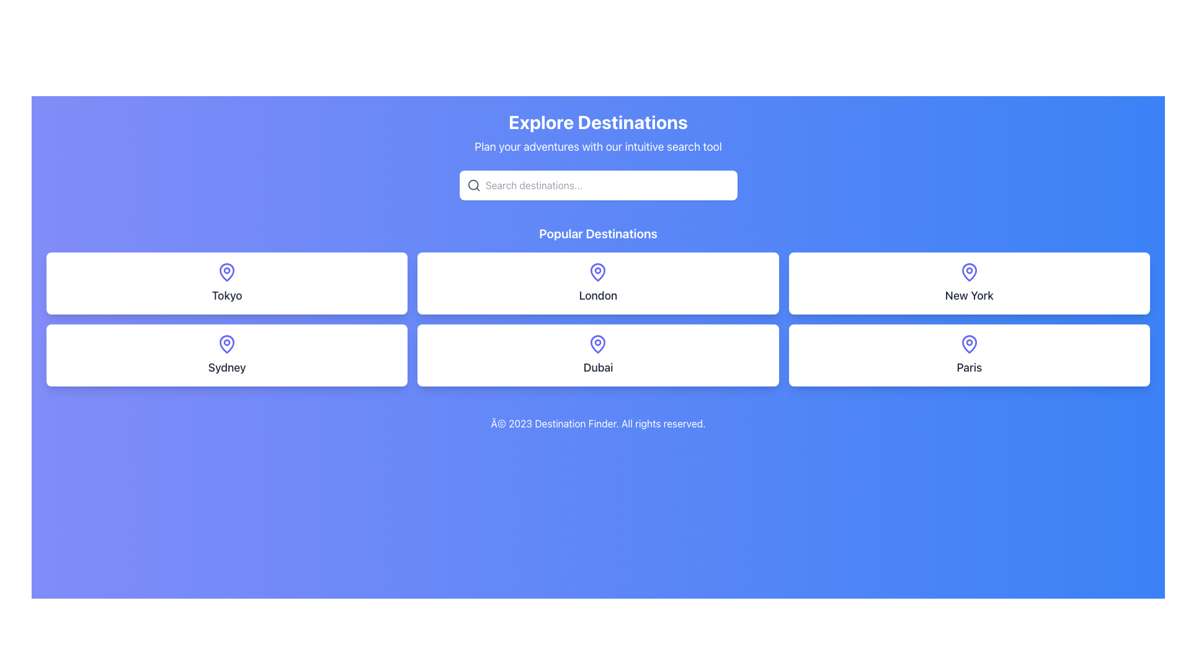  What do you see at coordinates (598, 146) in the screenshot?
I see `the Static Text element that serves as a descriptive tagline, positioned below the header 'Explore Destinations' and centered horizontally on the page` at bounding box center [598, 146].